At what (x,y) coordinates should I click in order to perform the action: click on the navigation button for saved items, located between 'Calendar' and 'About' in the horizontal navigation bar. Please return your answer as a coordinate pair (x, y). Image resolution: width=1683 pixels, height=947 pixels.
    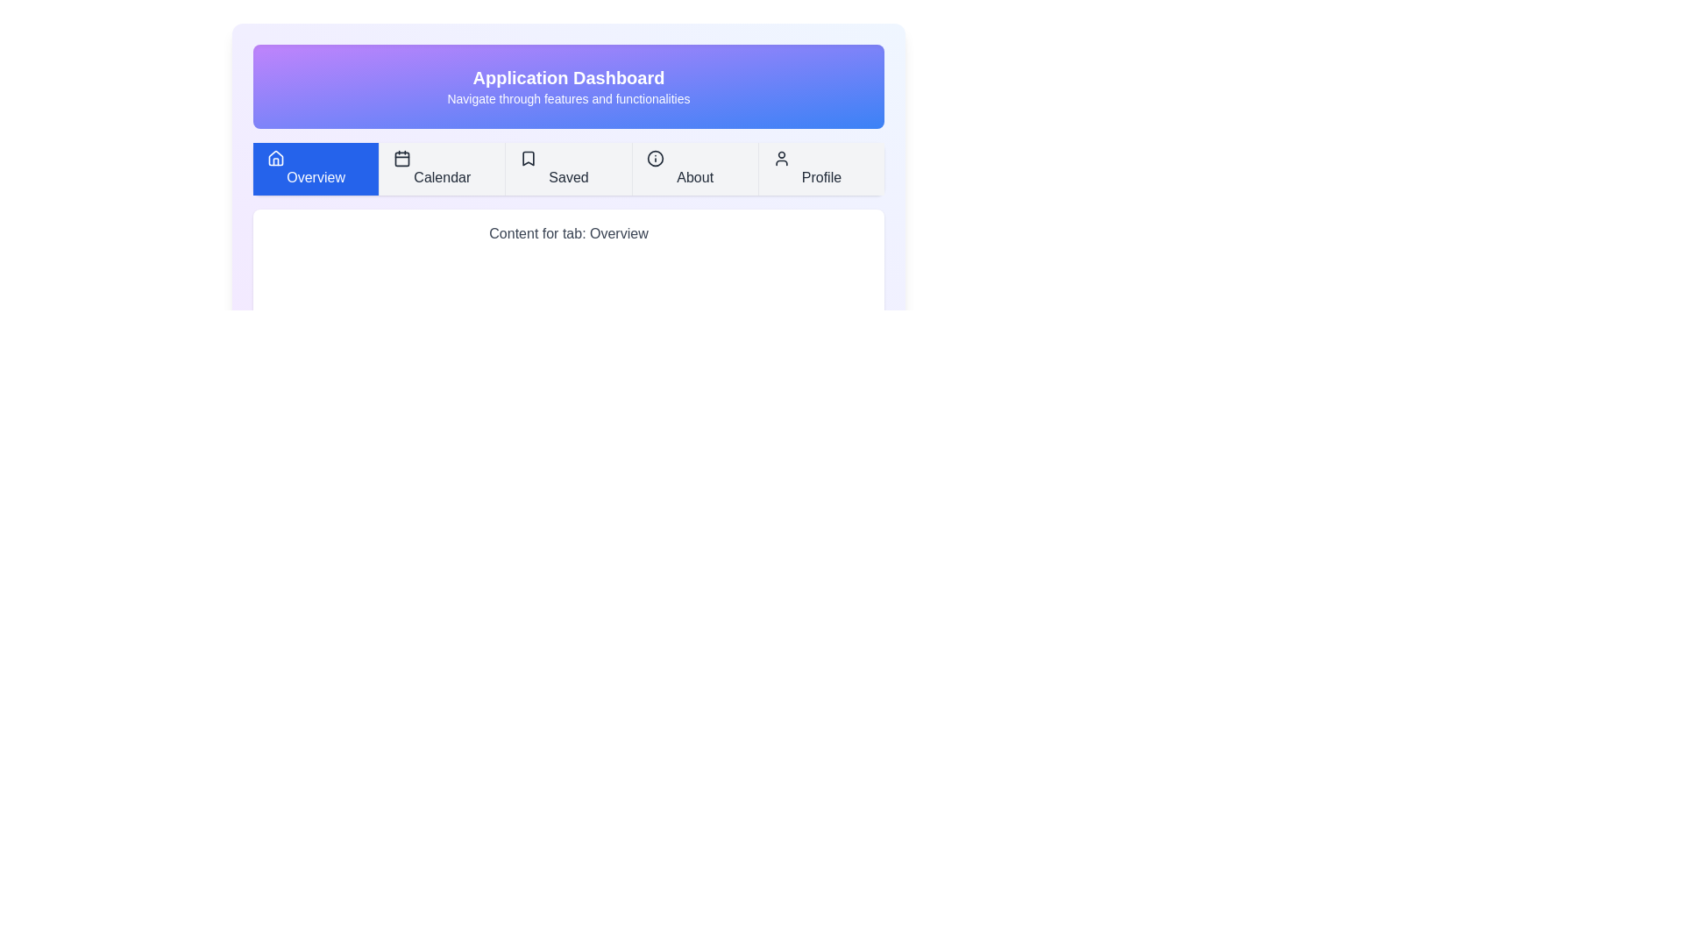
    Looking at the image, I should click on (568, 168).